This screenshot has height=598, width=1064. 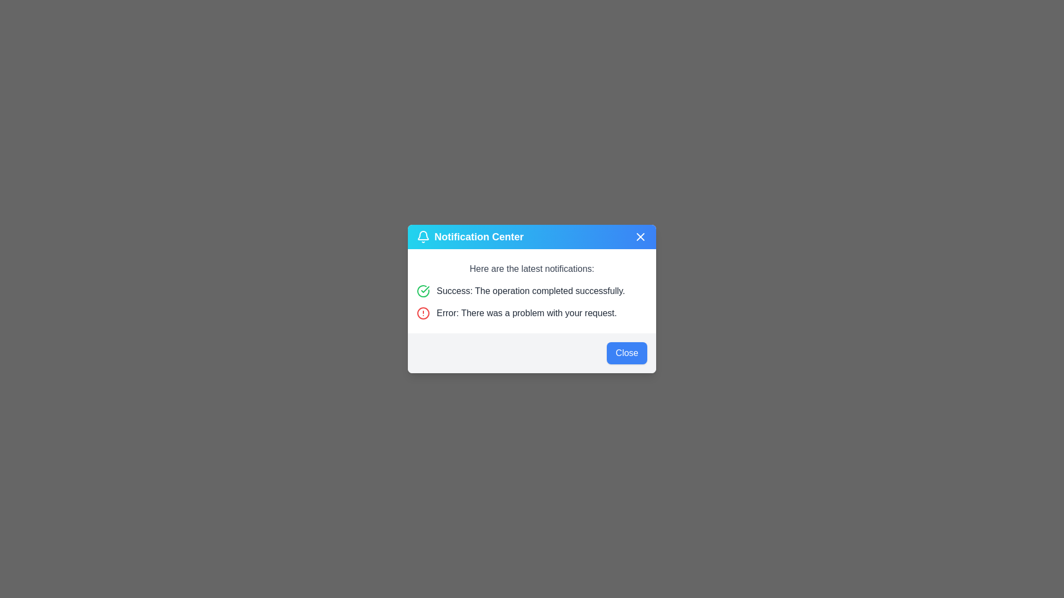 I want to click on the error indicator SVG icon located in the notification row of the modal dialog box, which visually represents the error message 'Error: There was a problem with your request.', so click(x=422, y=313).